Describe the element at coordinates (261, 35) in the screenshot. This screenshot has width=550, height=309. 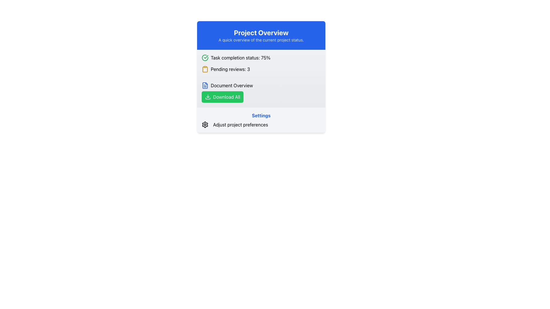
I see `the Header Section which has a vibrant blue background and bold white text saying 'Project Overview'` at that location.